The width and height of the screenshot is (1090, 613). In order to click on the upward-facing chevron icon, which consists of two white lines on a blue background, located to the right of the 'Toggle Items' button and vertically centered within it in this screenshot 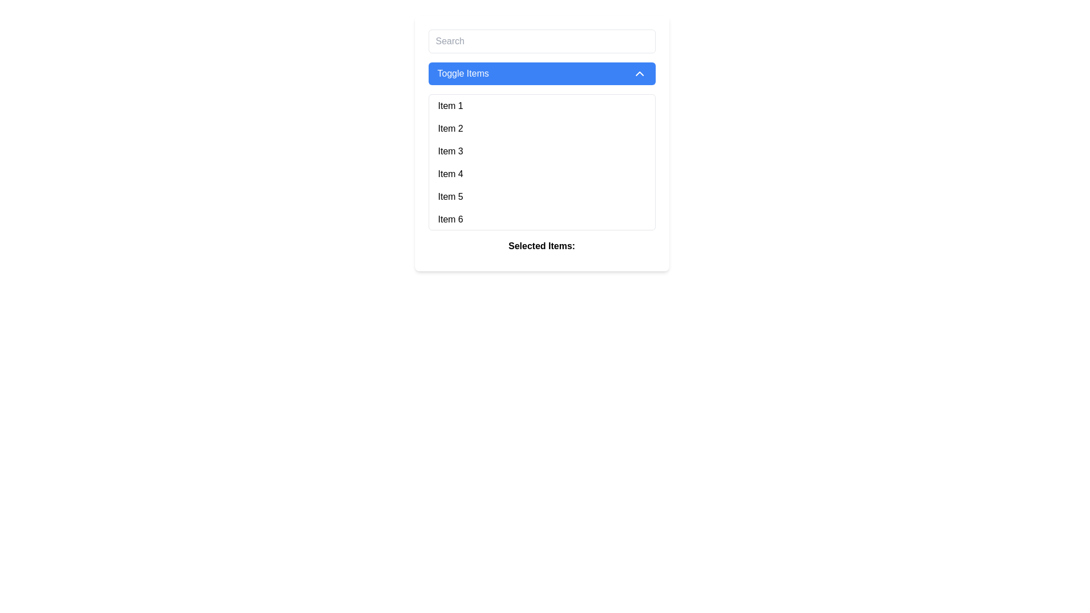, I will do `click(639, 74)`.